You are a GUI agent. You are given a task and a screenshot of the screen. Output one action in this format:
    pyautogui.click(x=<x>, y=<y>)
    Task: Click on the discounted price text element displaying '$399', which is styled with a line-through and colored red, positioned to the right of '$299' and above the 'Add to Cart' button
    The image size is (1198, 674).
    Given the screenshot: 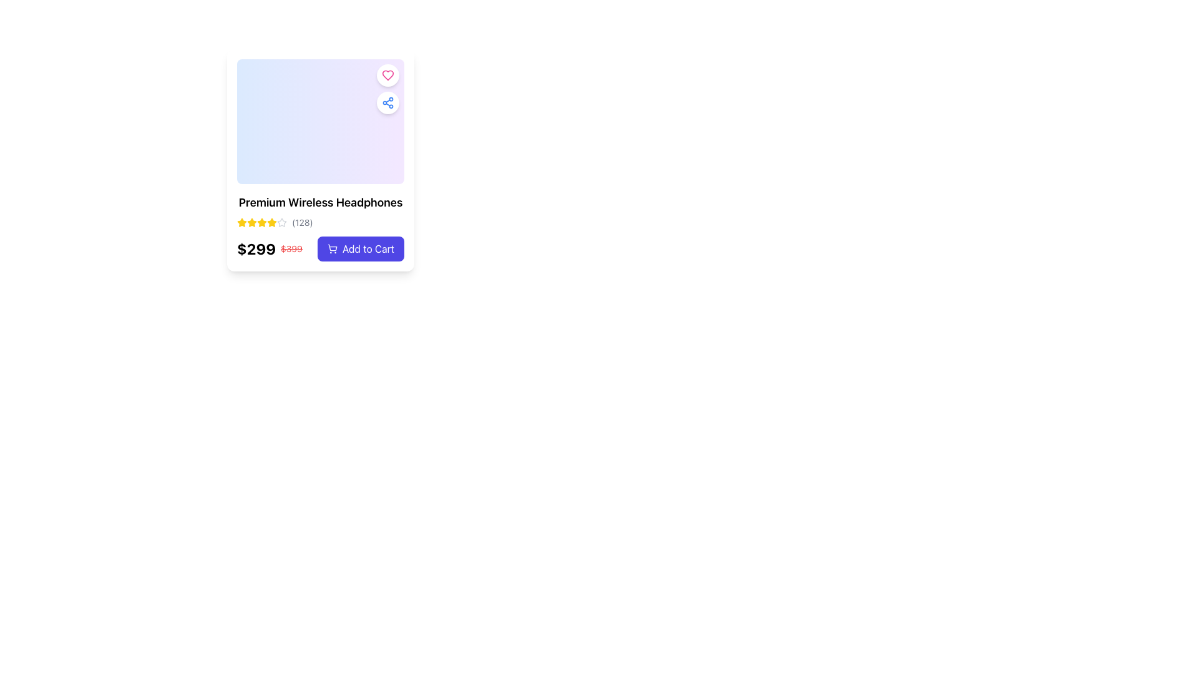 What is the action you would take?
    pyautogui.click(x=291, y=248)
    